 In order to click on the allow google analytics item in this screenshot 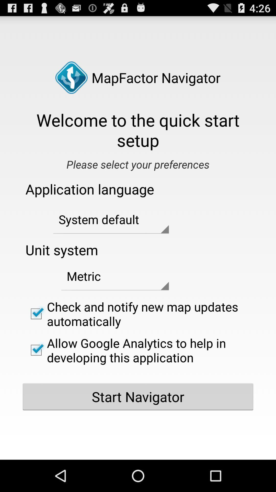, I will do `click(138, 350)`.